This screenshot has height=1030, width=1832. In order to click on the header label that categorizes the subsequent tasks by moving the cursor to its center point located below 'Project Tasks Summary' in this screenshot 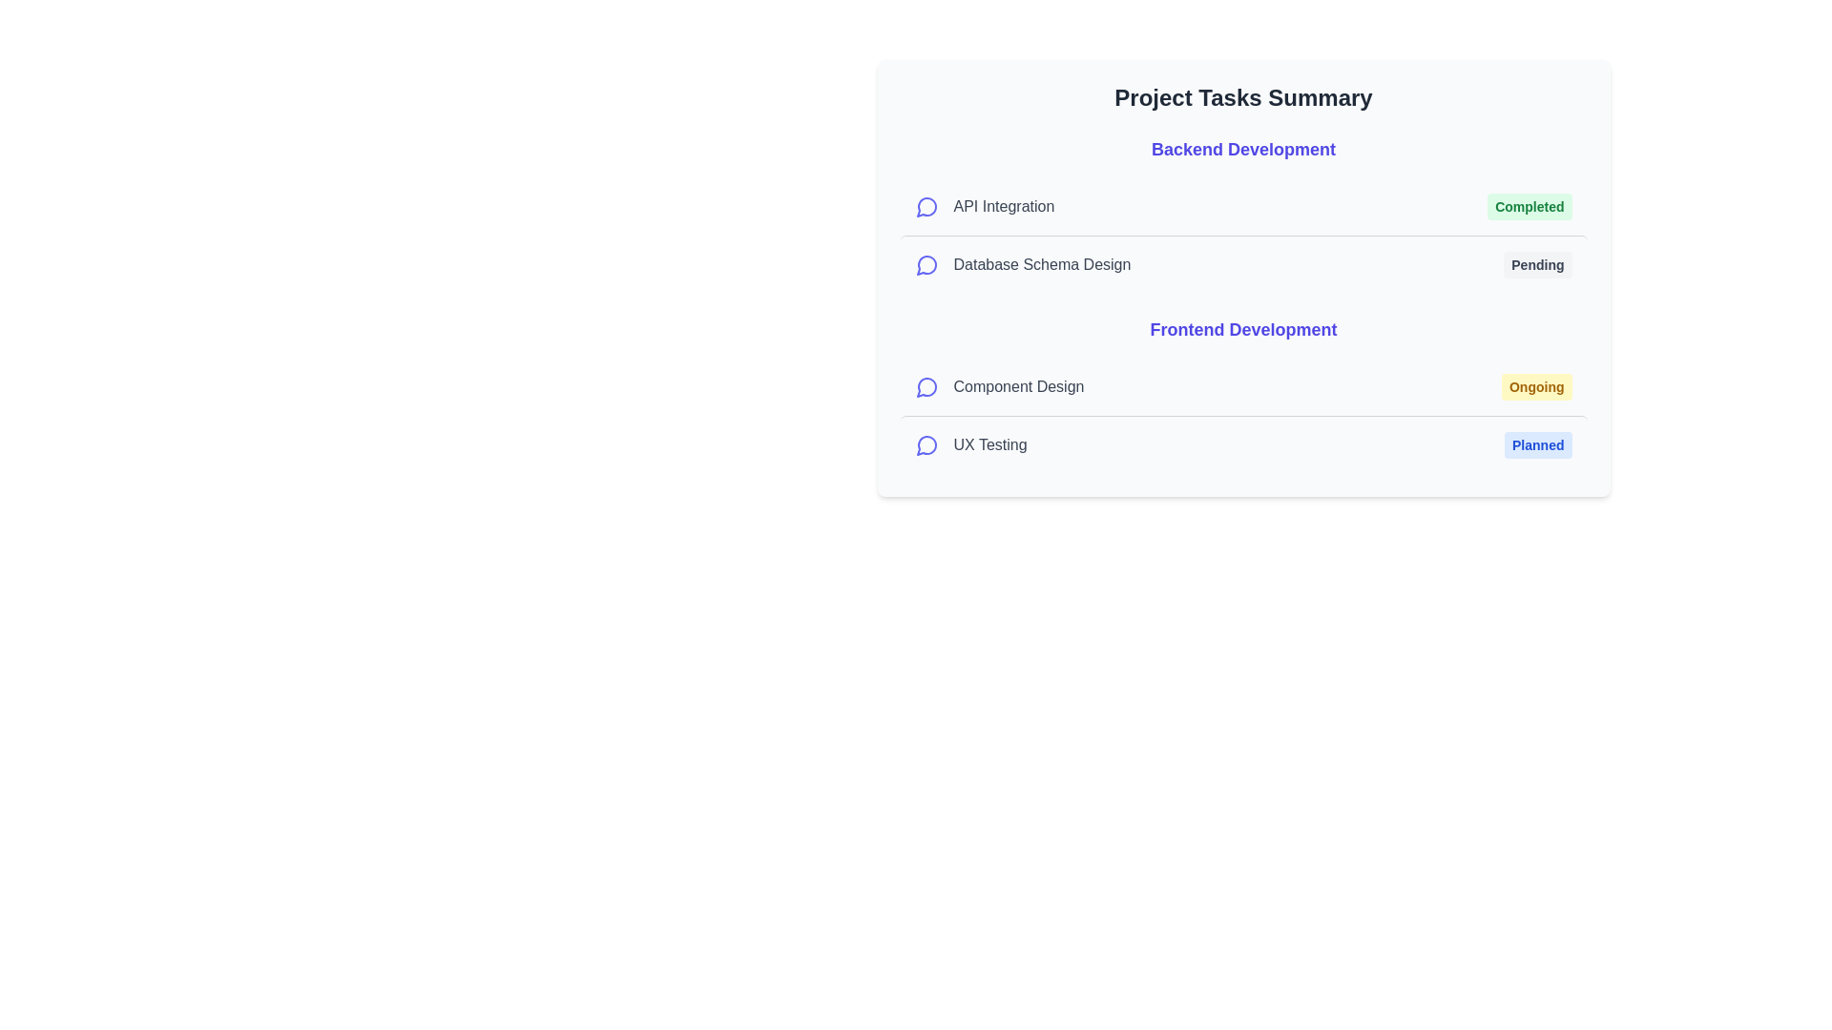, I will do `click(1243, 149)`.